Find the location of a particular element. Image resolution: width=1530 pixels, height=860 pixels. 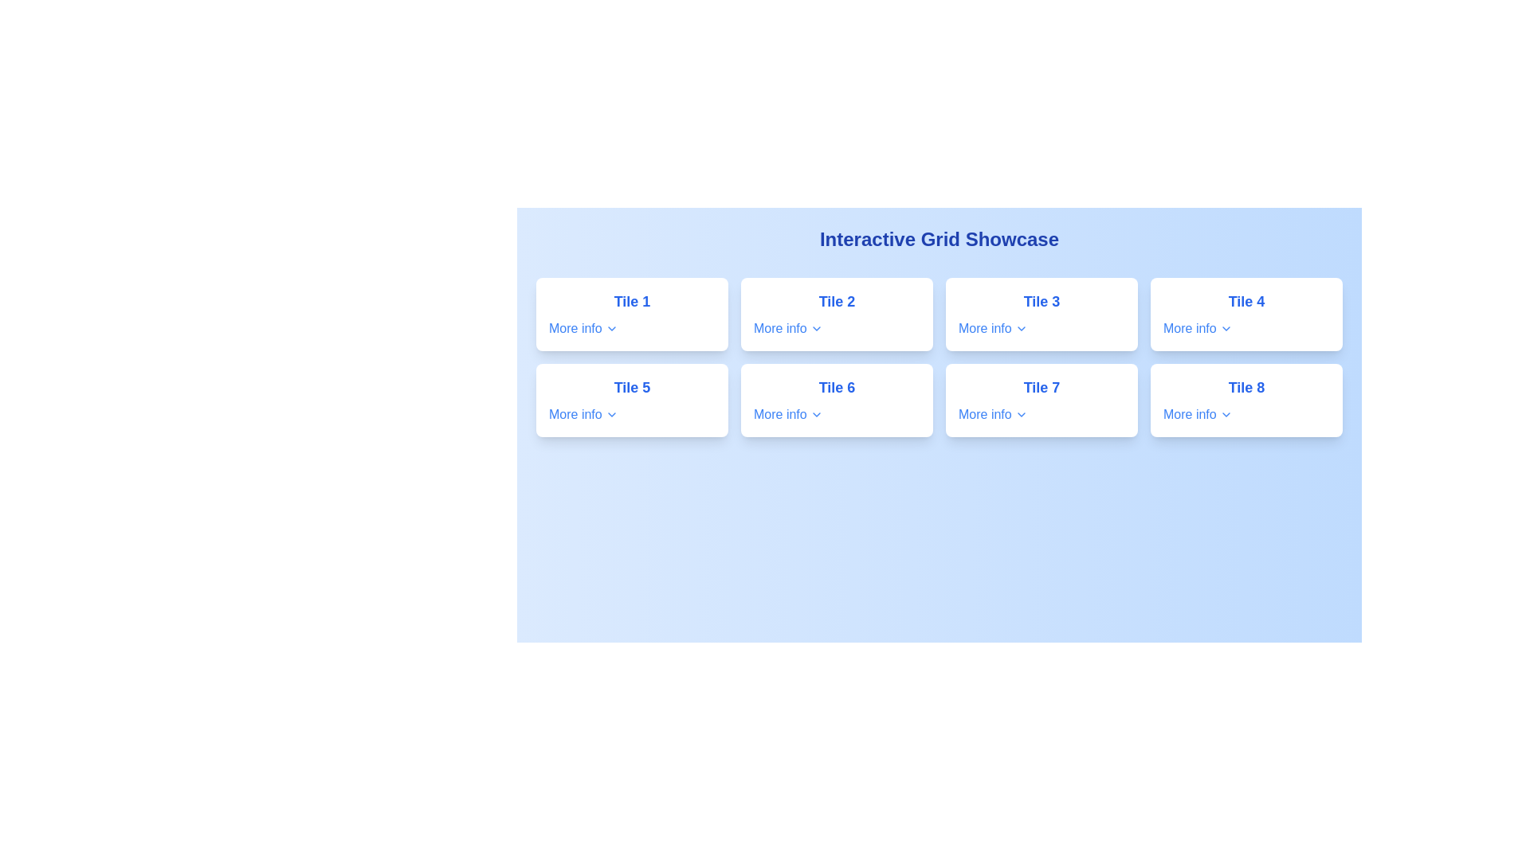

the downward arrow icon, which is part of the 'More info' label located on the far right of the fourth row in the grid layout within 'Tile 8' is located at coordinates (1225, 413).